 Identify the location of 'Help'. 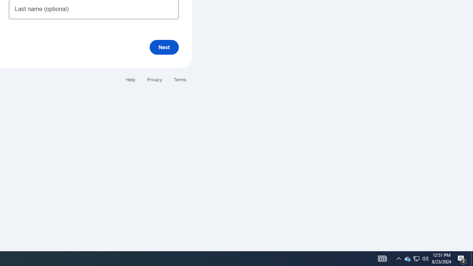
(130, 79).